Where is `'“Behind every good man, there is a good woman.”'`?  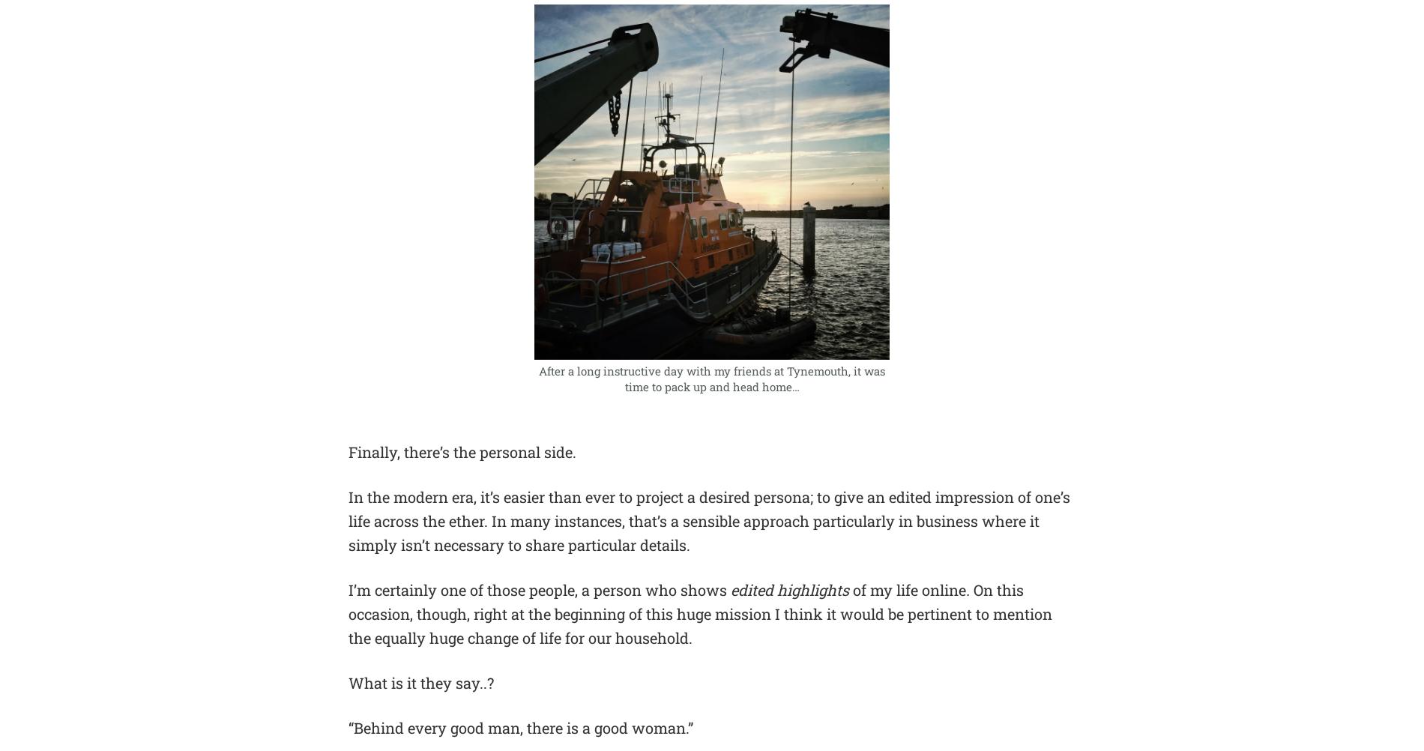
'“Behind every good man, there is a good woman.”' is located at coordinates (521, 727).